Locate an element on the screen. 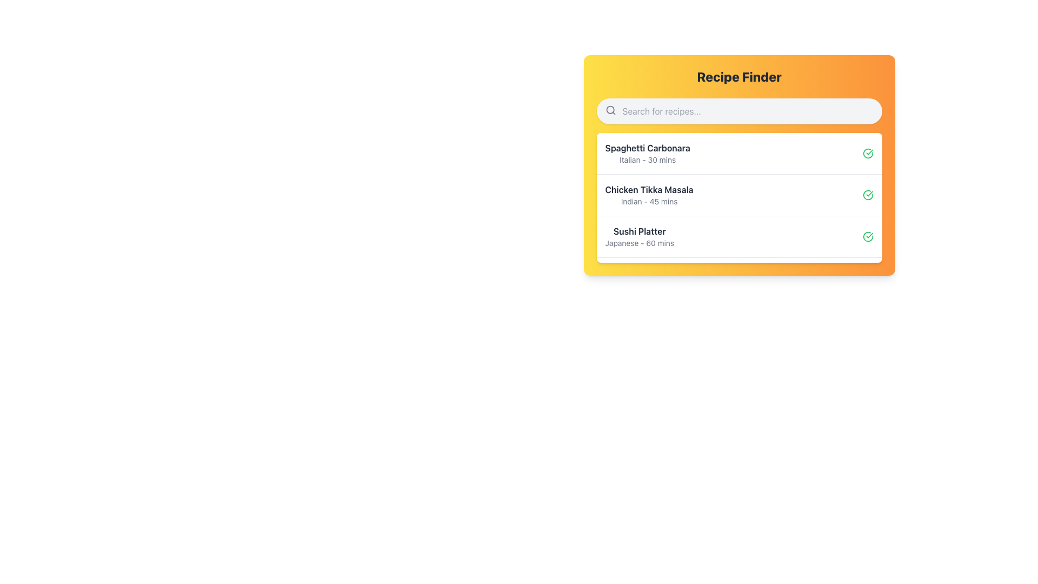 This screenshot has height=584, width=1038. descriptive text content about the recipe 'Chicken Tikka Masala', which includes its cuisine type 'Indian' and preparation time '45 mins', located within the recipe list in the Recipe Finder interface is located at coordinates (649, 202).